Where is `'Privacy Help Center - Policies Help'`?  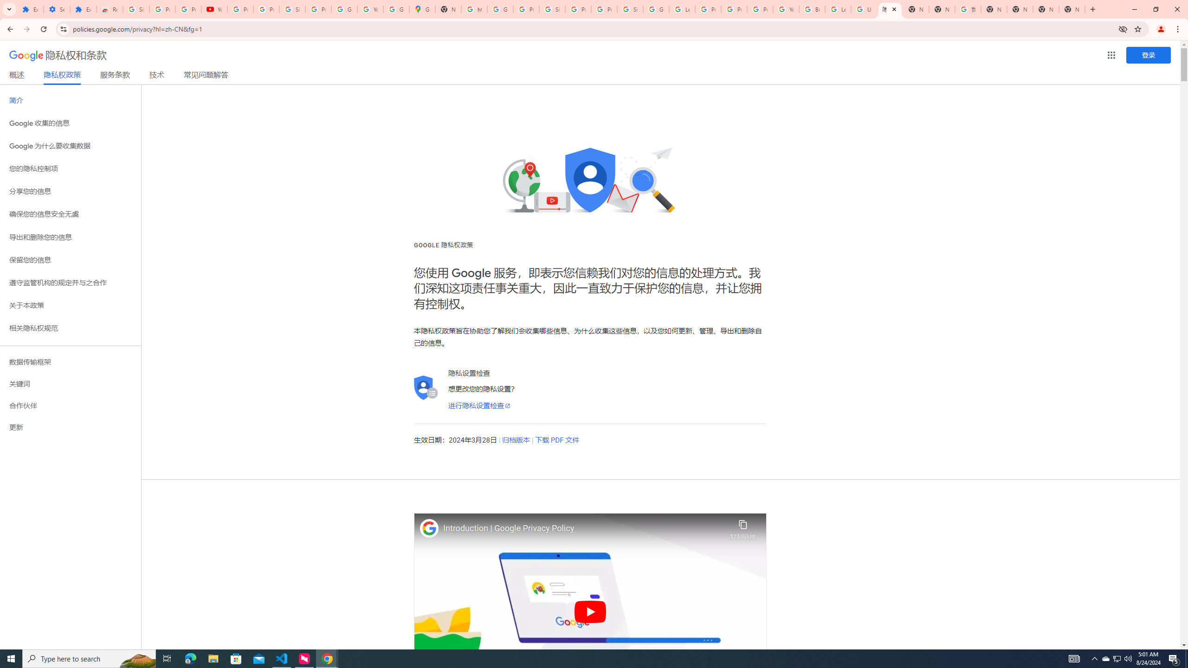
'Privacy Help Center - Policies Help' is located at coordinates (734, 9).